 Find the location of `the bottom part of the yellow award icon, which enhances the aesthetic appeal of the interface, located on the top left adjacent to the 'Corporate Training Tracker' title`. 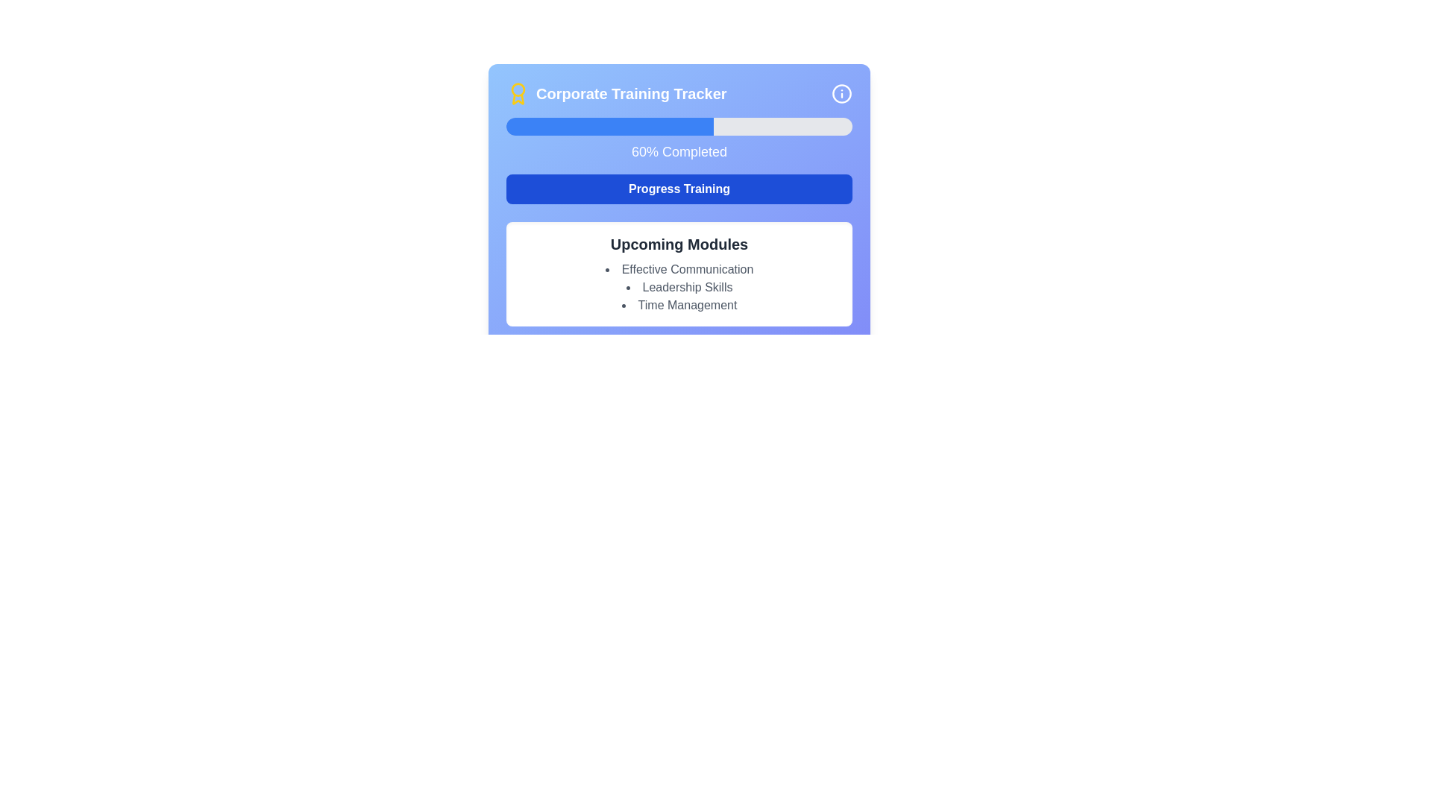

the bottom part of the yellow award icon, which enhances the aesthetic appeal of the interface, located on the top left adjacent to the 'Corporate Training Tracker' title is located at coordinates (518, 99).